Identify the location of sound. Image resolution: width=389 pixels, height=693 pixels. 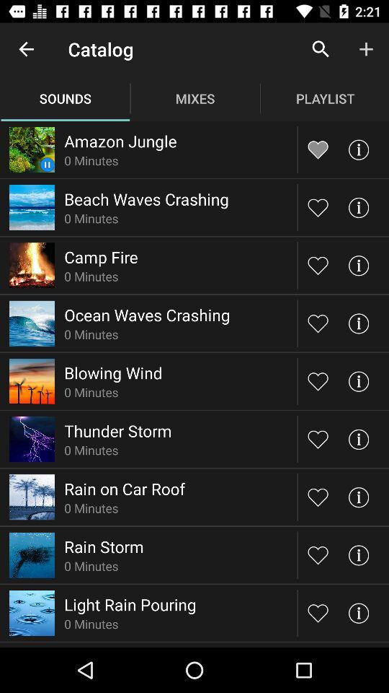
(318, 497).